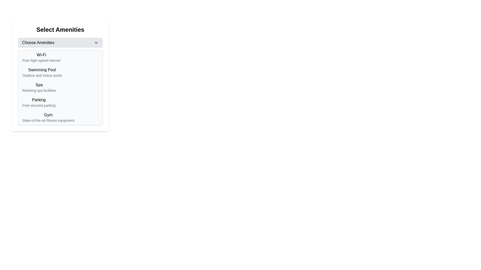 Image resolution: width=481 pixels, height=270 pixels. What do you see at coordinates (42, 70) in the screenshot?
I see `the text label displaying 'Swimming Pool', which is bold and serves as the header within the 'Select Amenities' card interface` at bounding box center [42, 70].